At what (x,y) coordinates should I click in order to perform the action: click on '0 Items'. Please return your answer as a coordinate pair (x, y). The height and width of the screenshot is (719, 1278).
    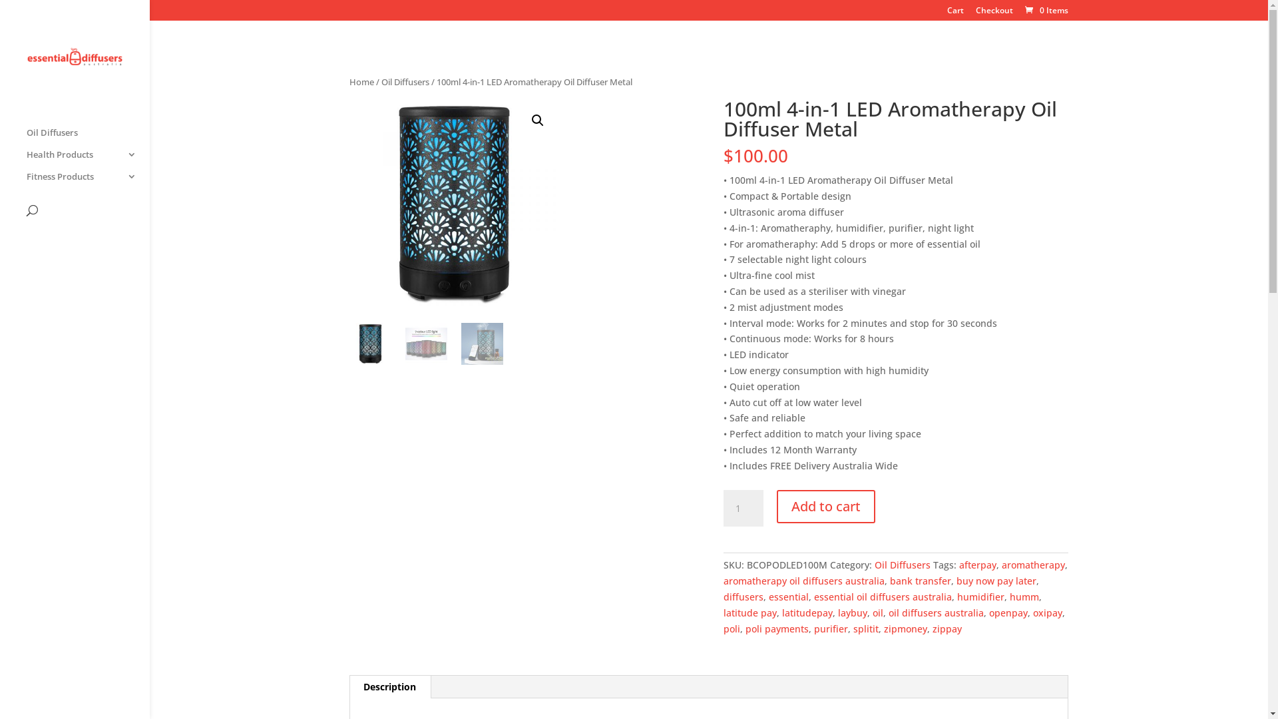
    Looking at the image, I should click on (1044, 10).